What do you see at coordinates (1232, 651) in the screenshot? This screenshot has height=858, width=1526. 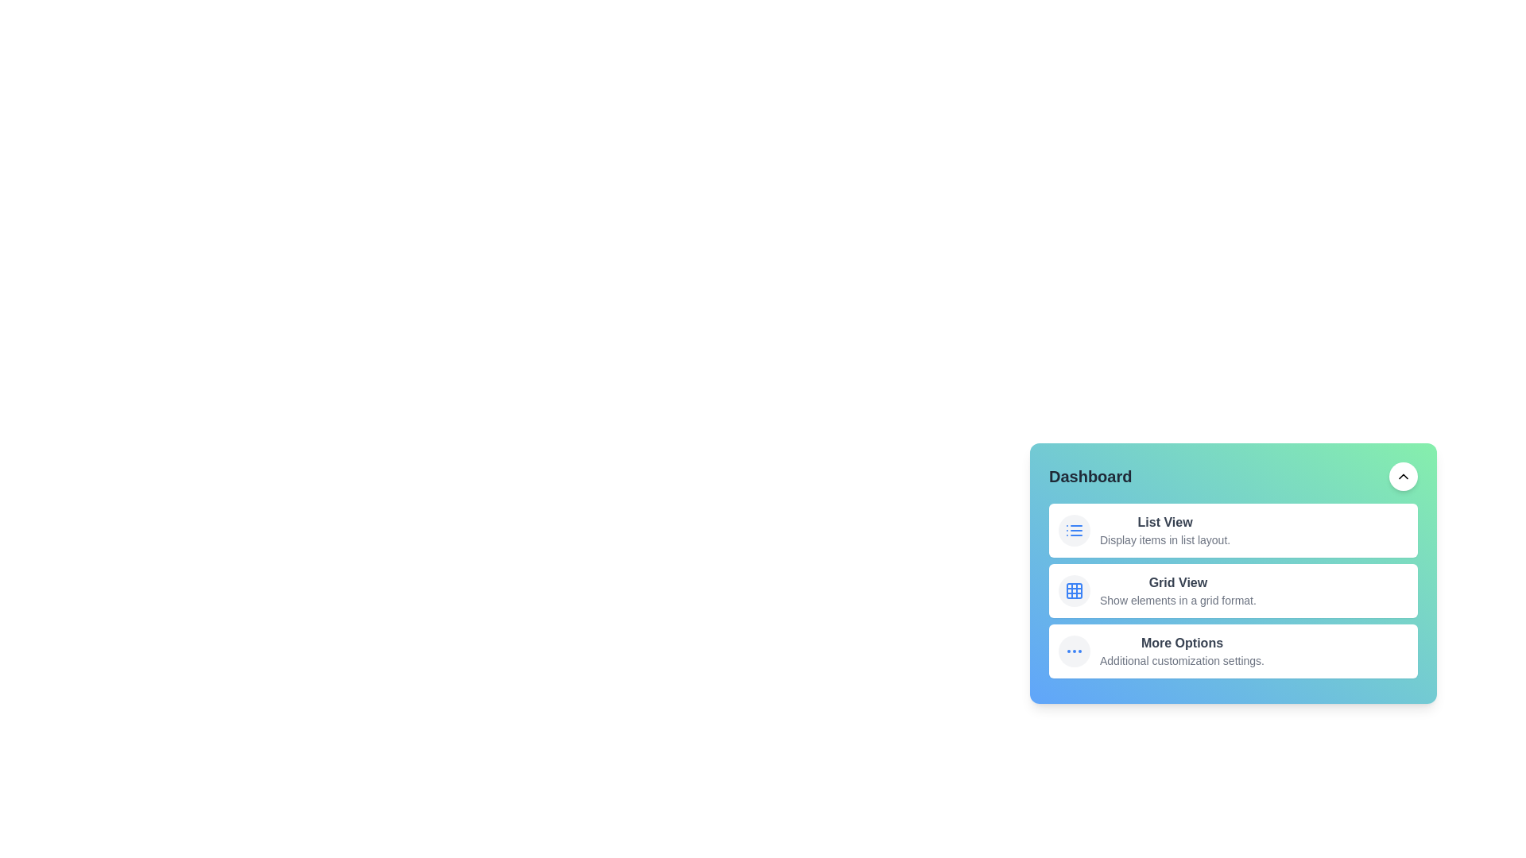 I see `the 'More Options' option in the dashboard` at bounding box center [1232, 651].